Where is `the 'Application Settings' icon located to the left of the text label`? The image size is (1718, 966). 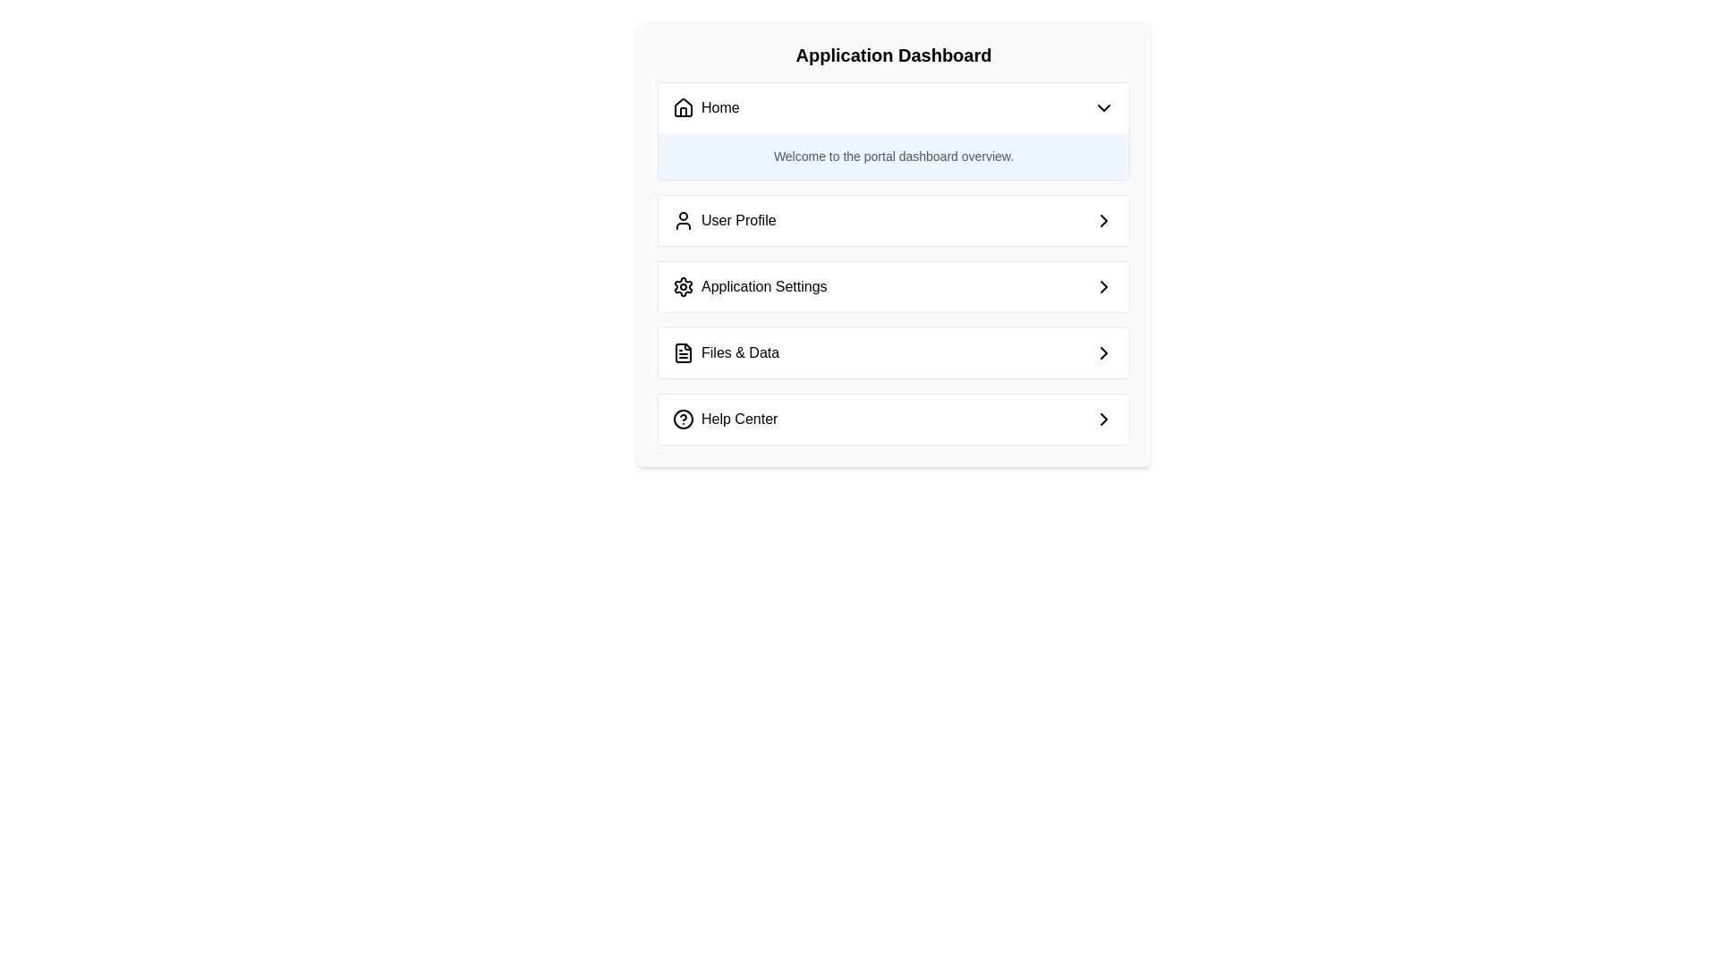 the 'Application Settings' icon located to the left of the text label is located at coordinates (682, 285).